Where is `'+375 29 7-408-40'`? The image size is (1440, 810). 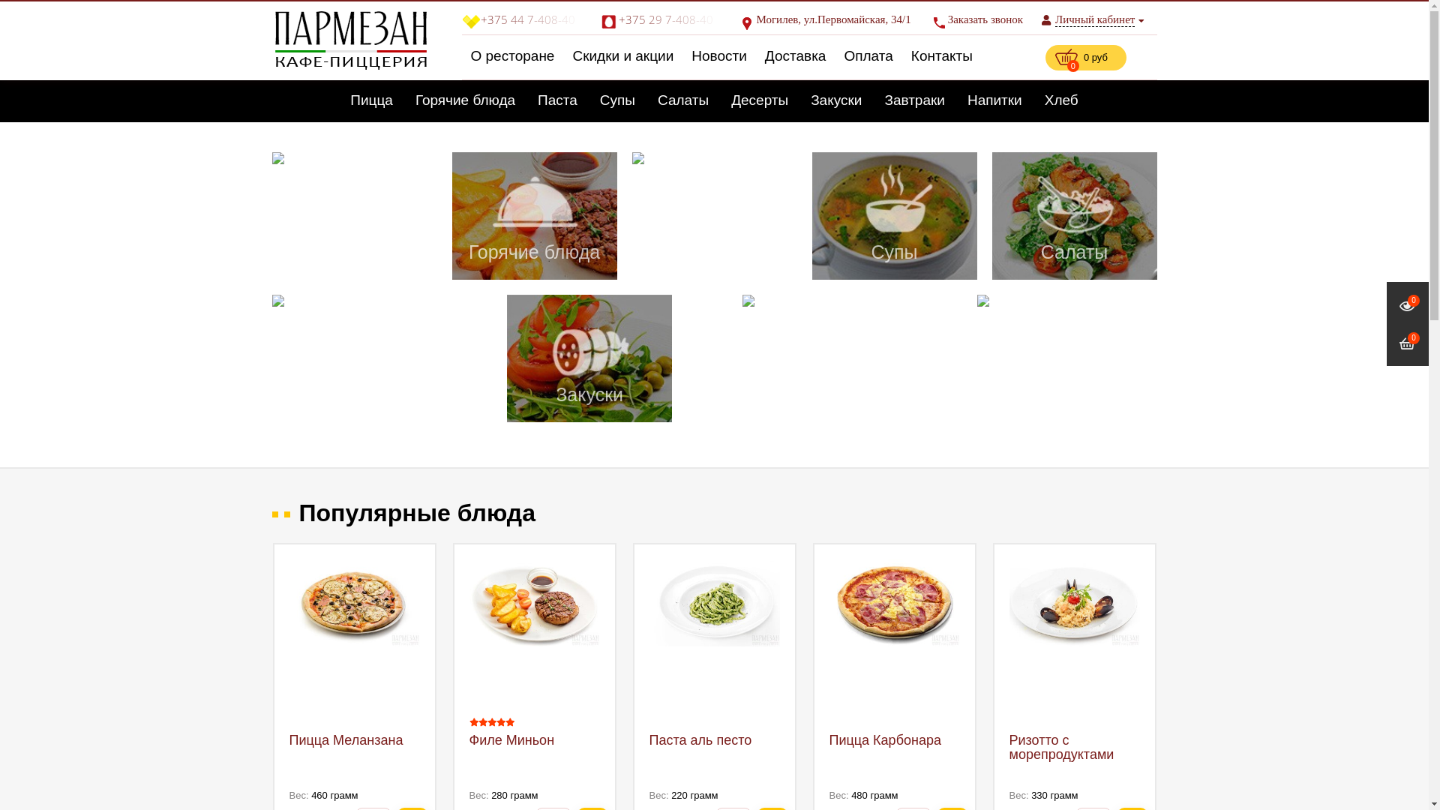 '+375 29 7-408-40' is located at coordinates (600, 19).